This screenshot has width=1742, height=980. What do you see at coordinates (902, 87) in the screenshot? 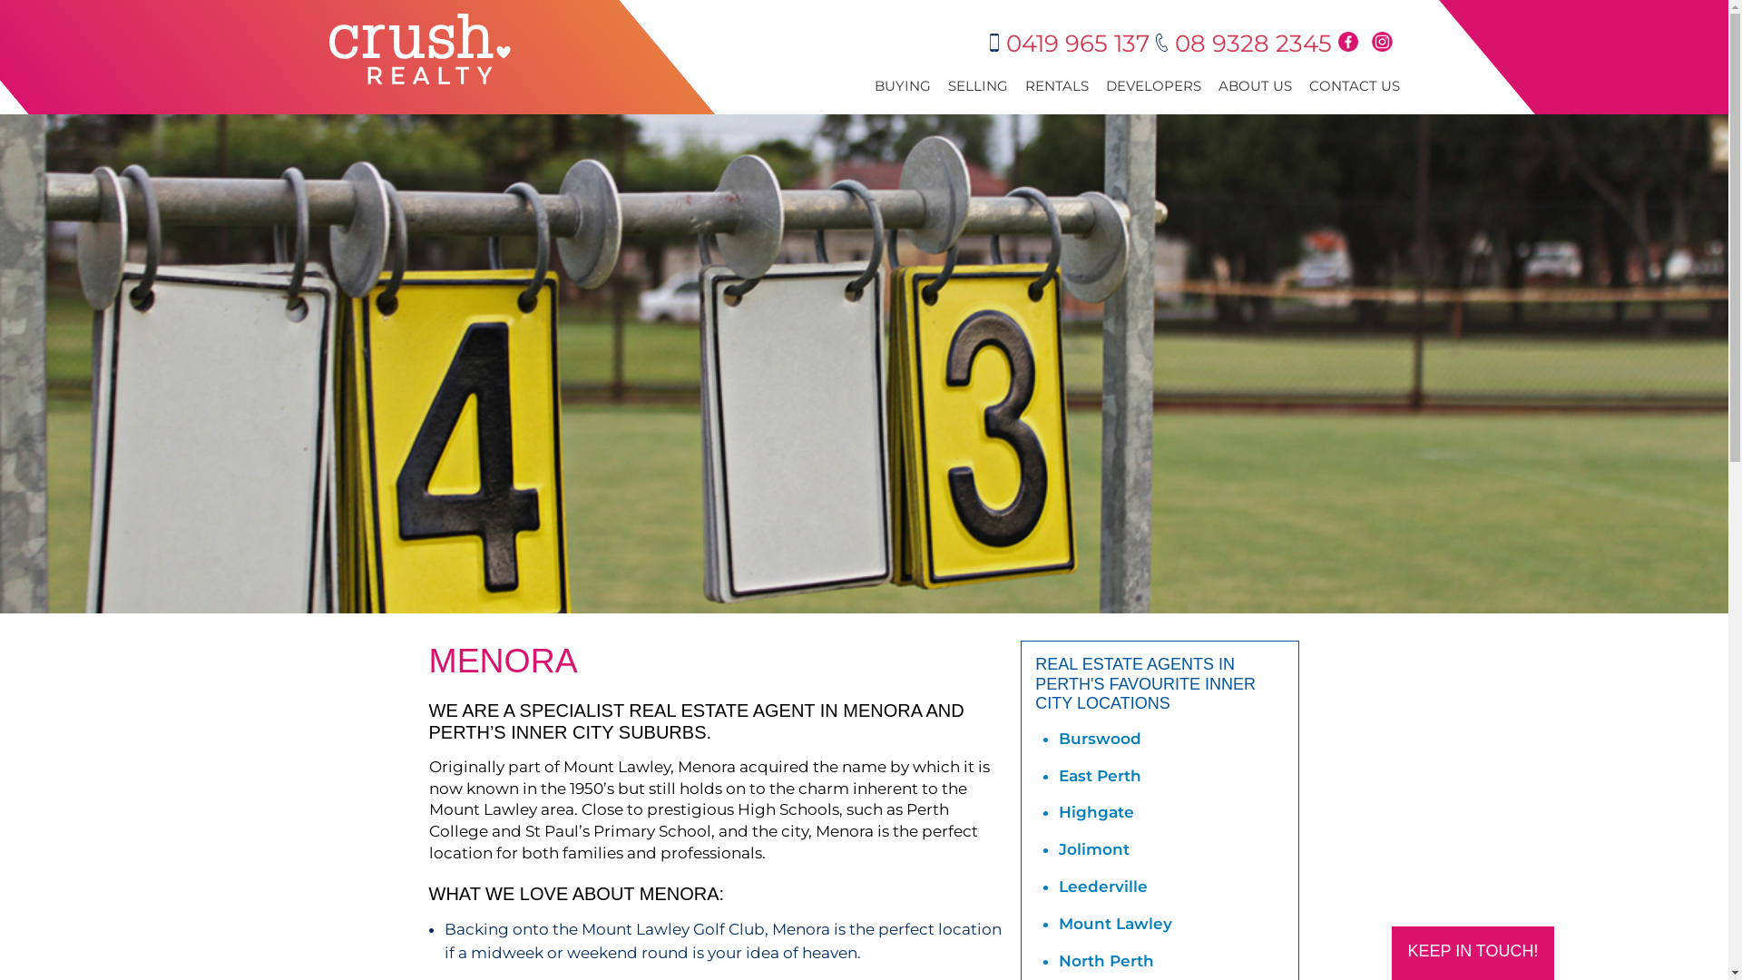
I see `'BUYING'` at bounding box center [902, 87].